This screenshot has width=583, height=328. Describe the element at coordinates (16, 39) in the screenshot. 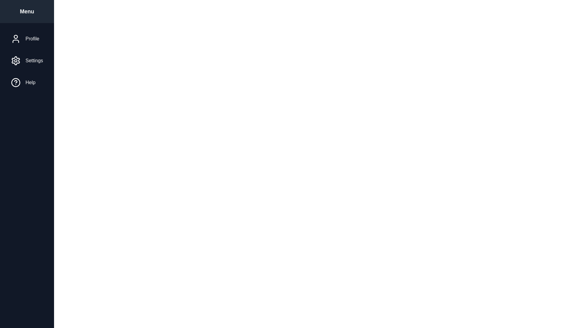

I see `the menu item icon for Profile` at that location.